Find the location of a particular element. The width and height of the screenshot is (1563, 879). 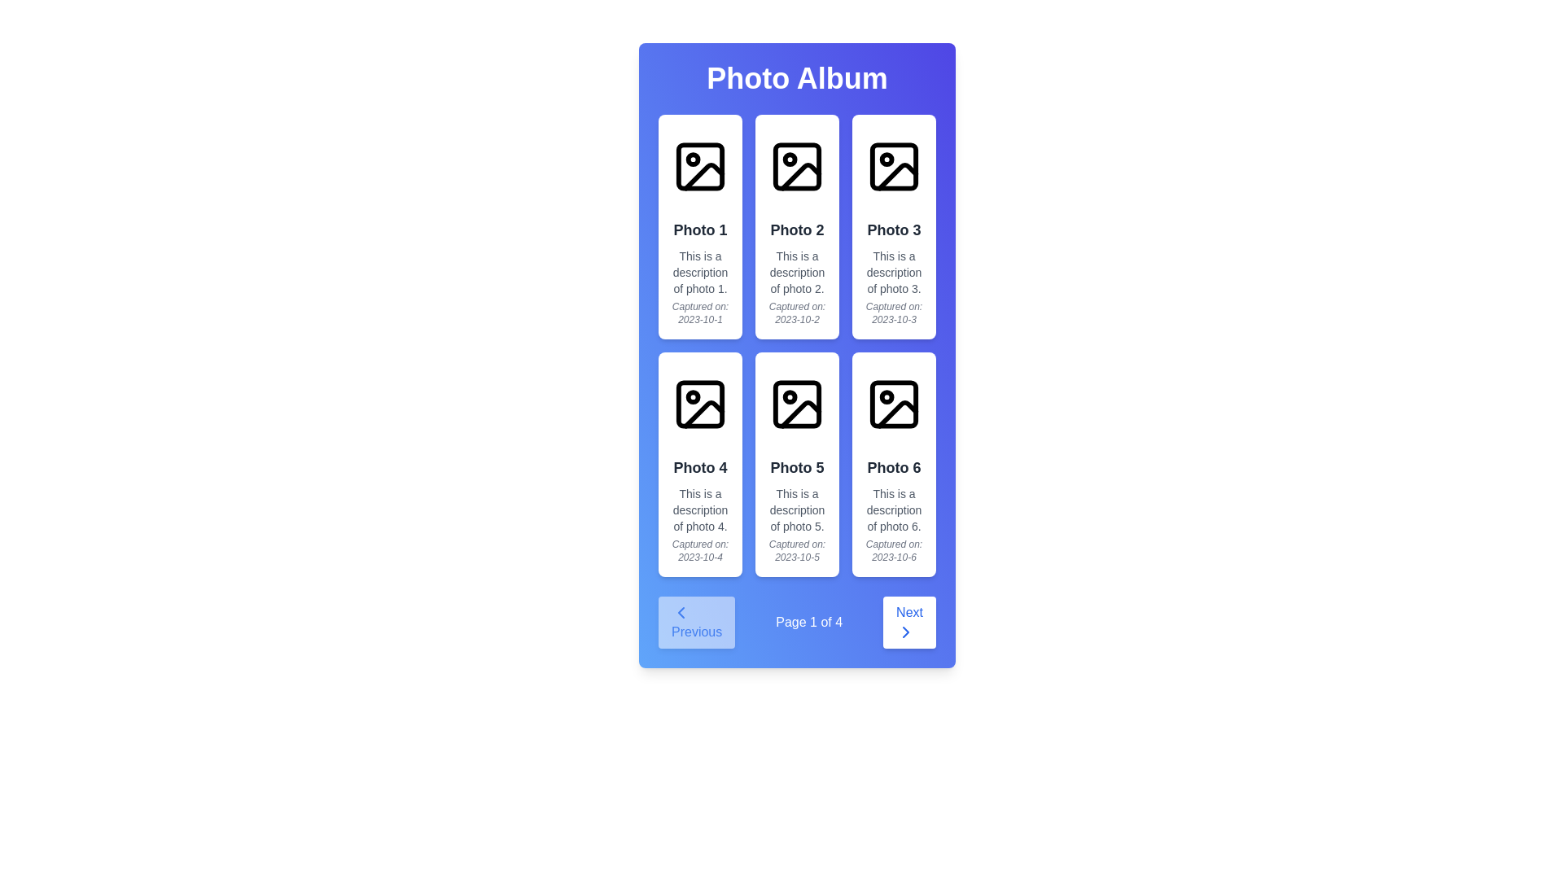

the photo placeholder icon located in the top right corner of the card labeled 'Photo 6' in the grid of photo entries is located at coordinates (893, 404).